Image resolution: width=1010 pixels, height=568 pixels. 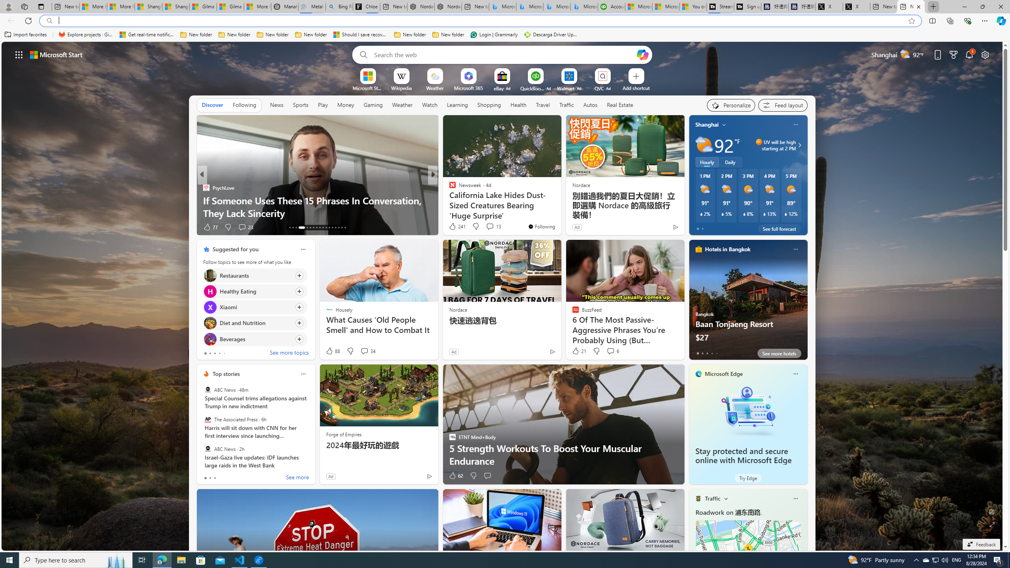 What do you see at coordinates (798, 145) in the screenshot?
I see `'UV will be high starting at 2 PM'` at bounding box center [798, 145].